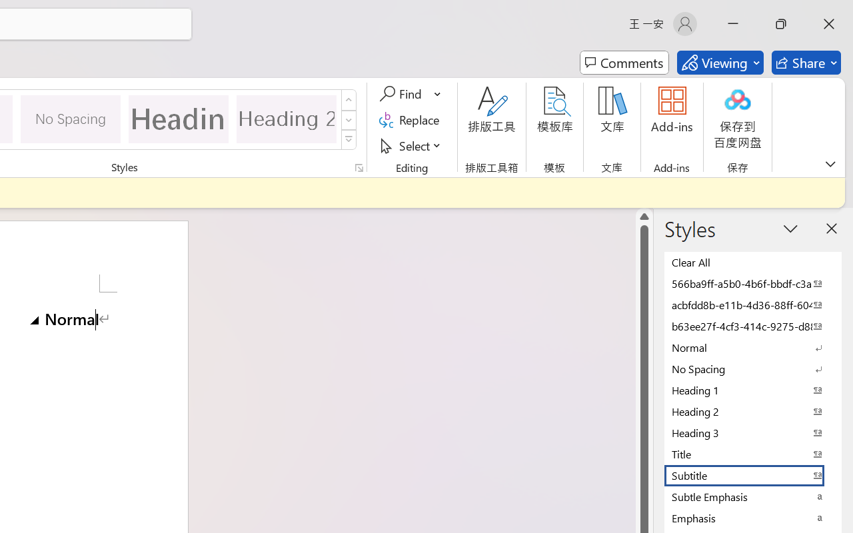 The width and height of the screenshot is (853, 533). I want to click on 'Title', so click(753, 454).